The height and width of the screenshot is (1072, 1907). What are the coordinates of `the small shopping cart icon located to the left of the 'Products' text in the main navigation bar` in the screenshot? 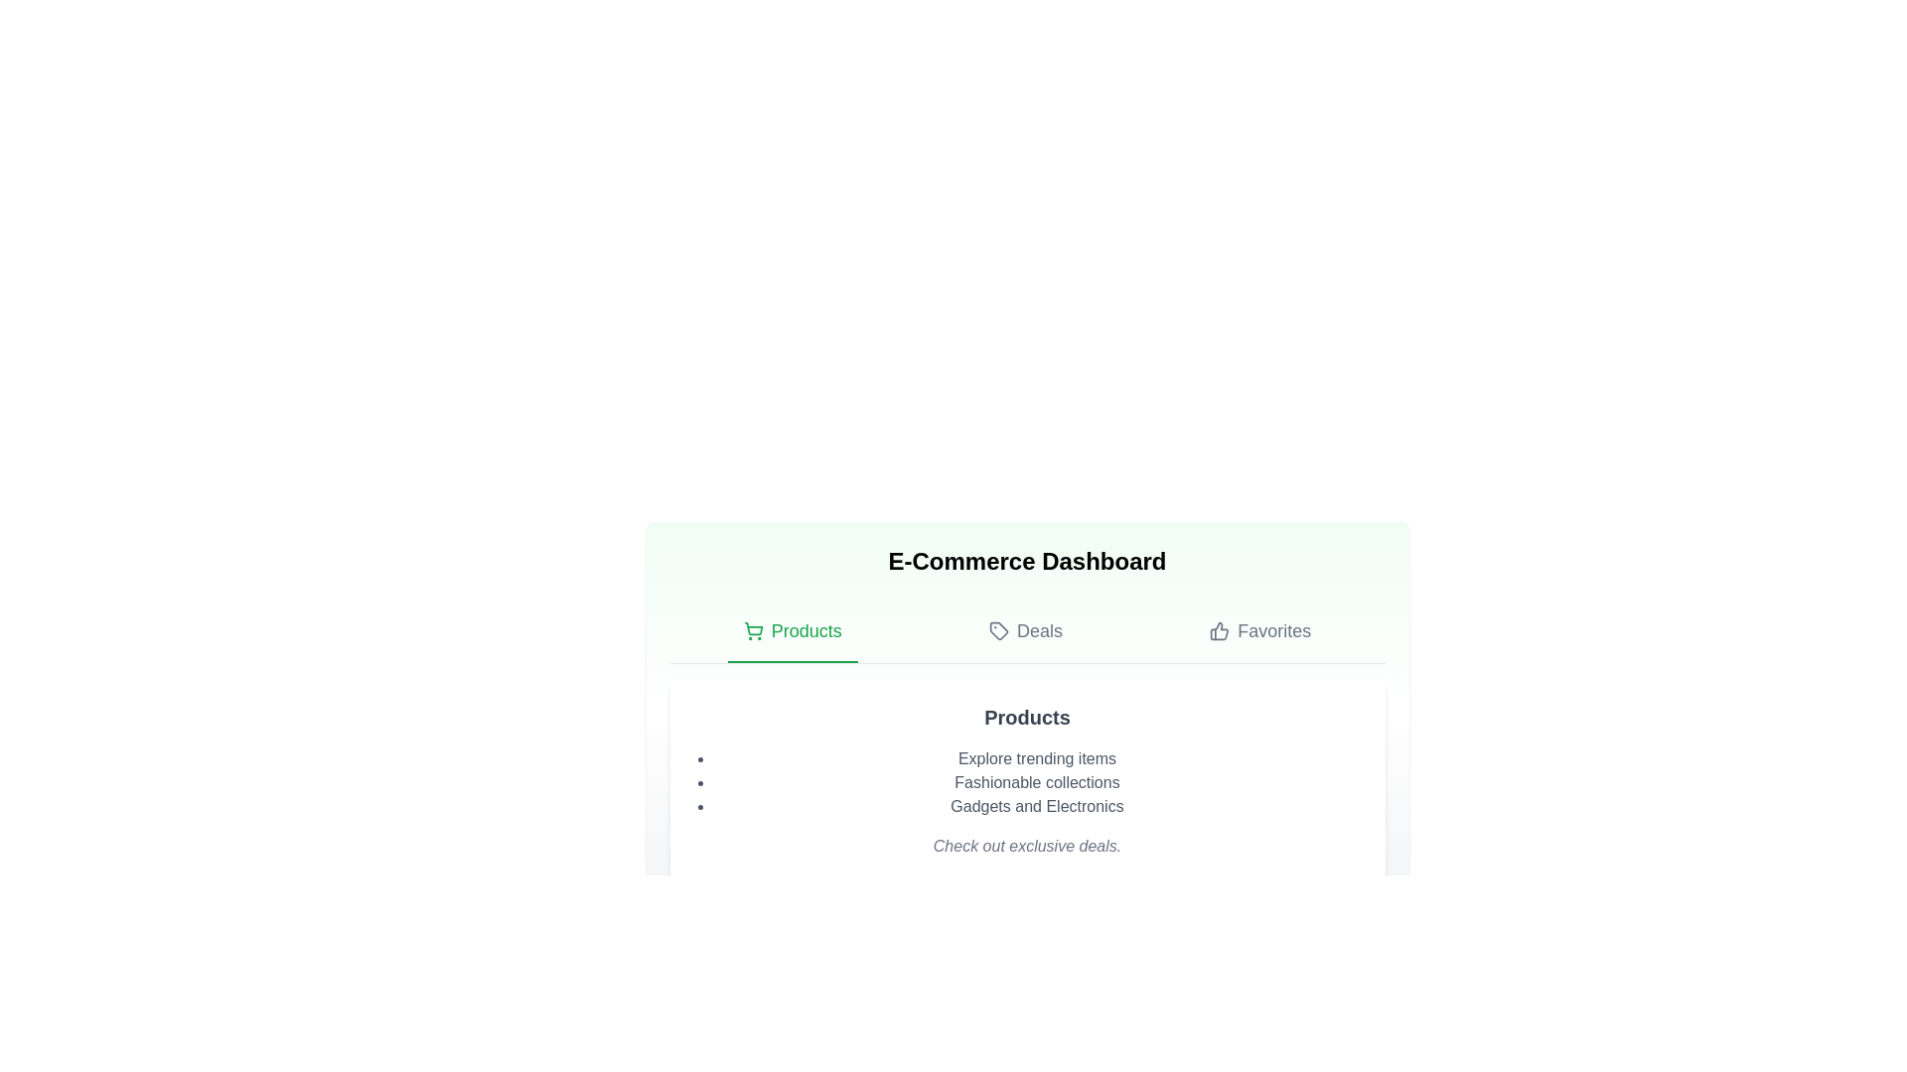 It's located at (752, 631).